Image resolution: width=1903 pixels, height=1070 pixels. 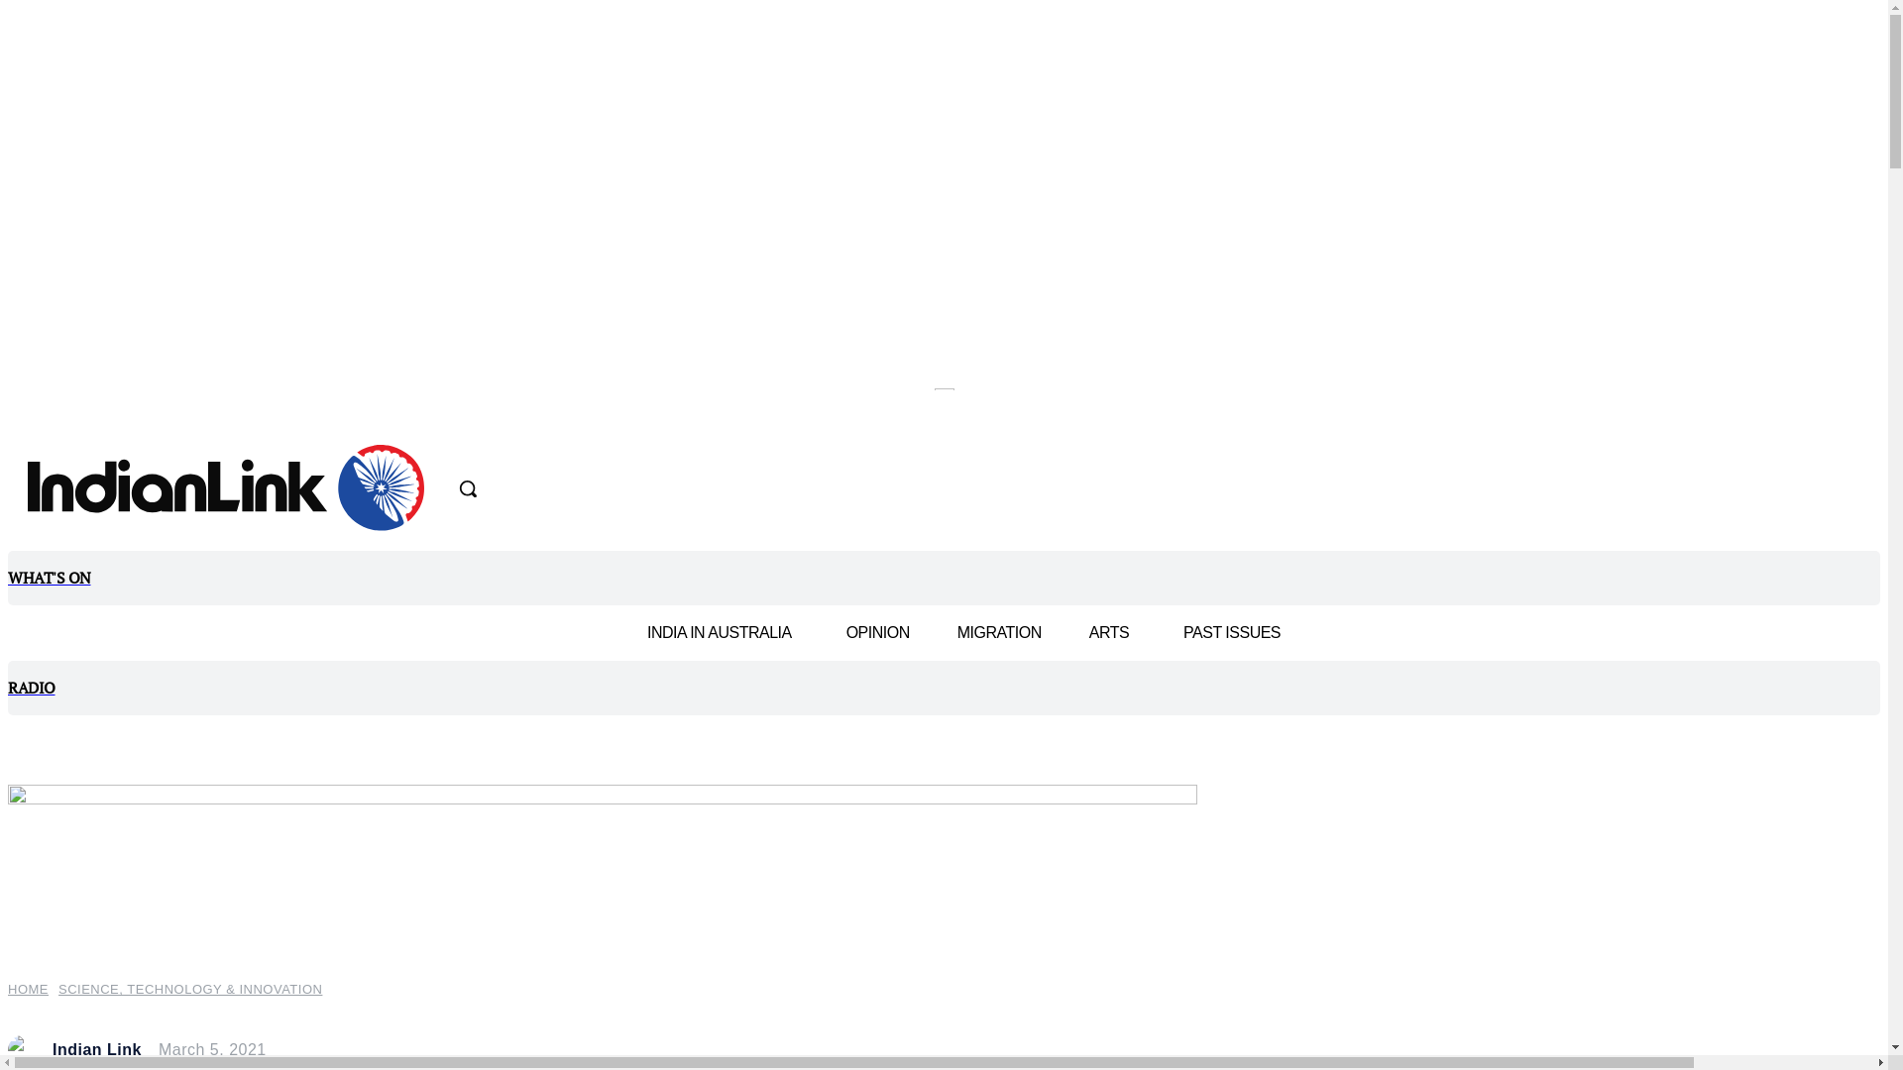 What do you see at coordinates (1231, 632) in the screenshot?
I see `'PAST ISSUES'` at bounding box center [1231, 632].